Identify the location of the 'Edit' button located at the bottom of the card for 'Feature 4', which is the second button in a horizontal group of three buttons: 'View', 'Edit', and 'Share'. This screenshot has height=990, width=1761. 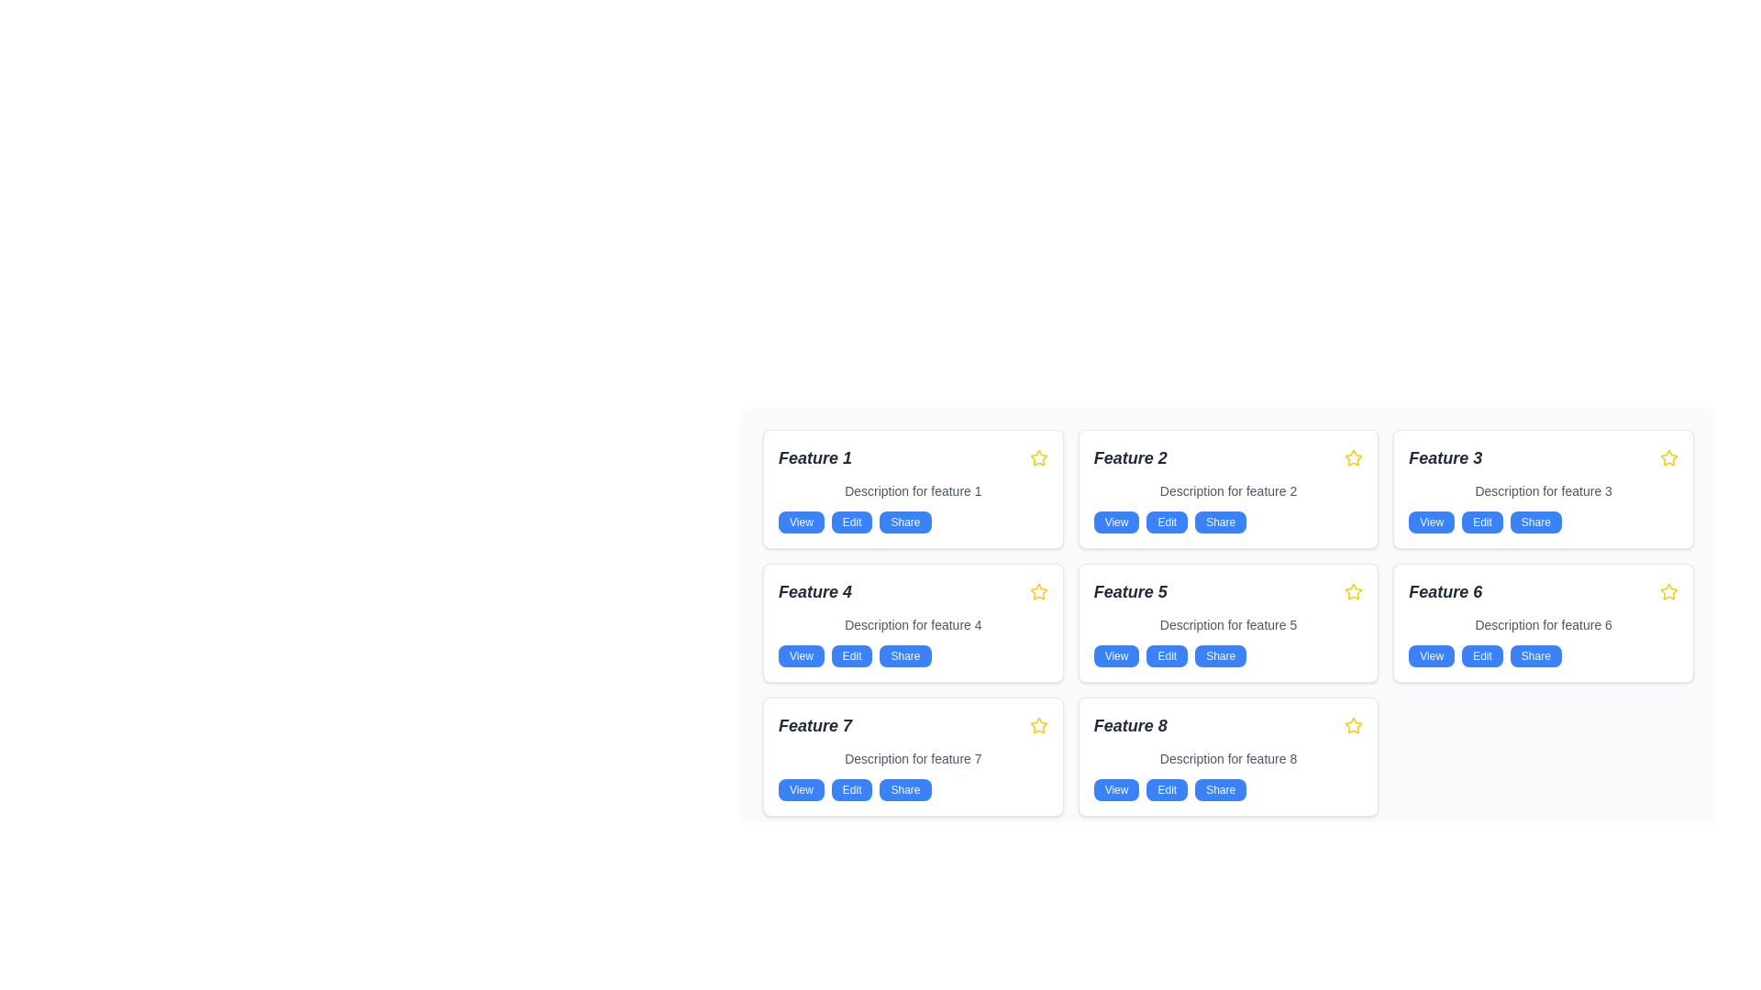
(851, 655).